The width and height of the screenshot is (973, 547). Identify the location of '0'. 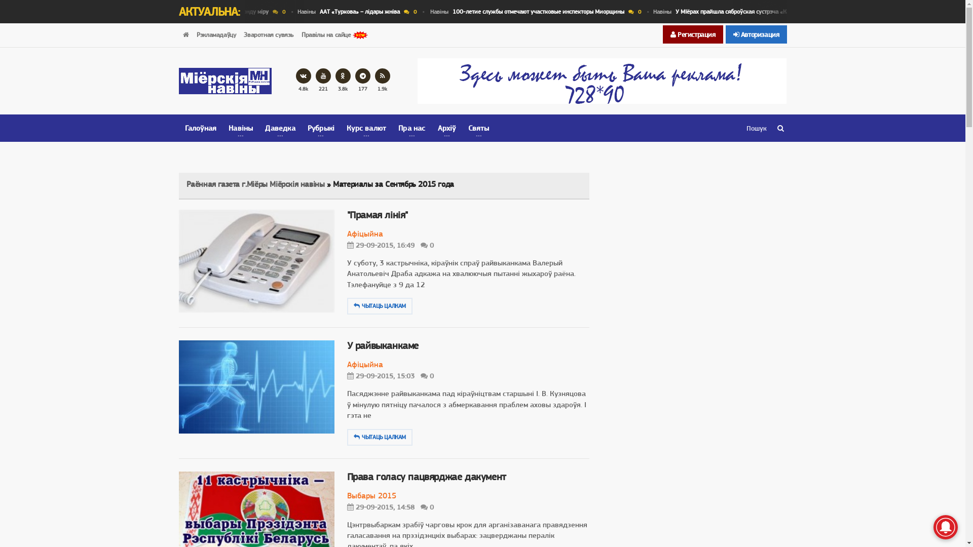
(737, 12).